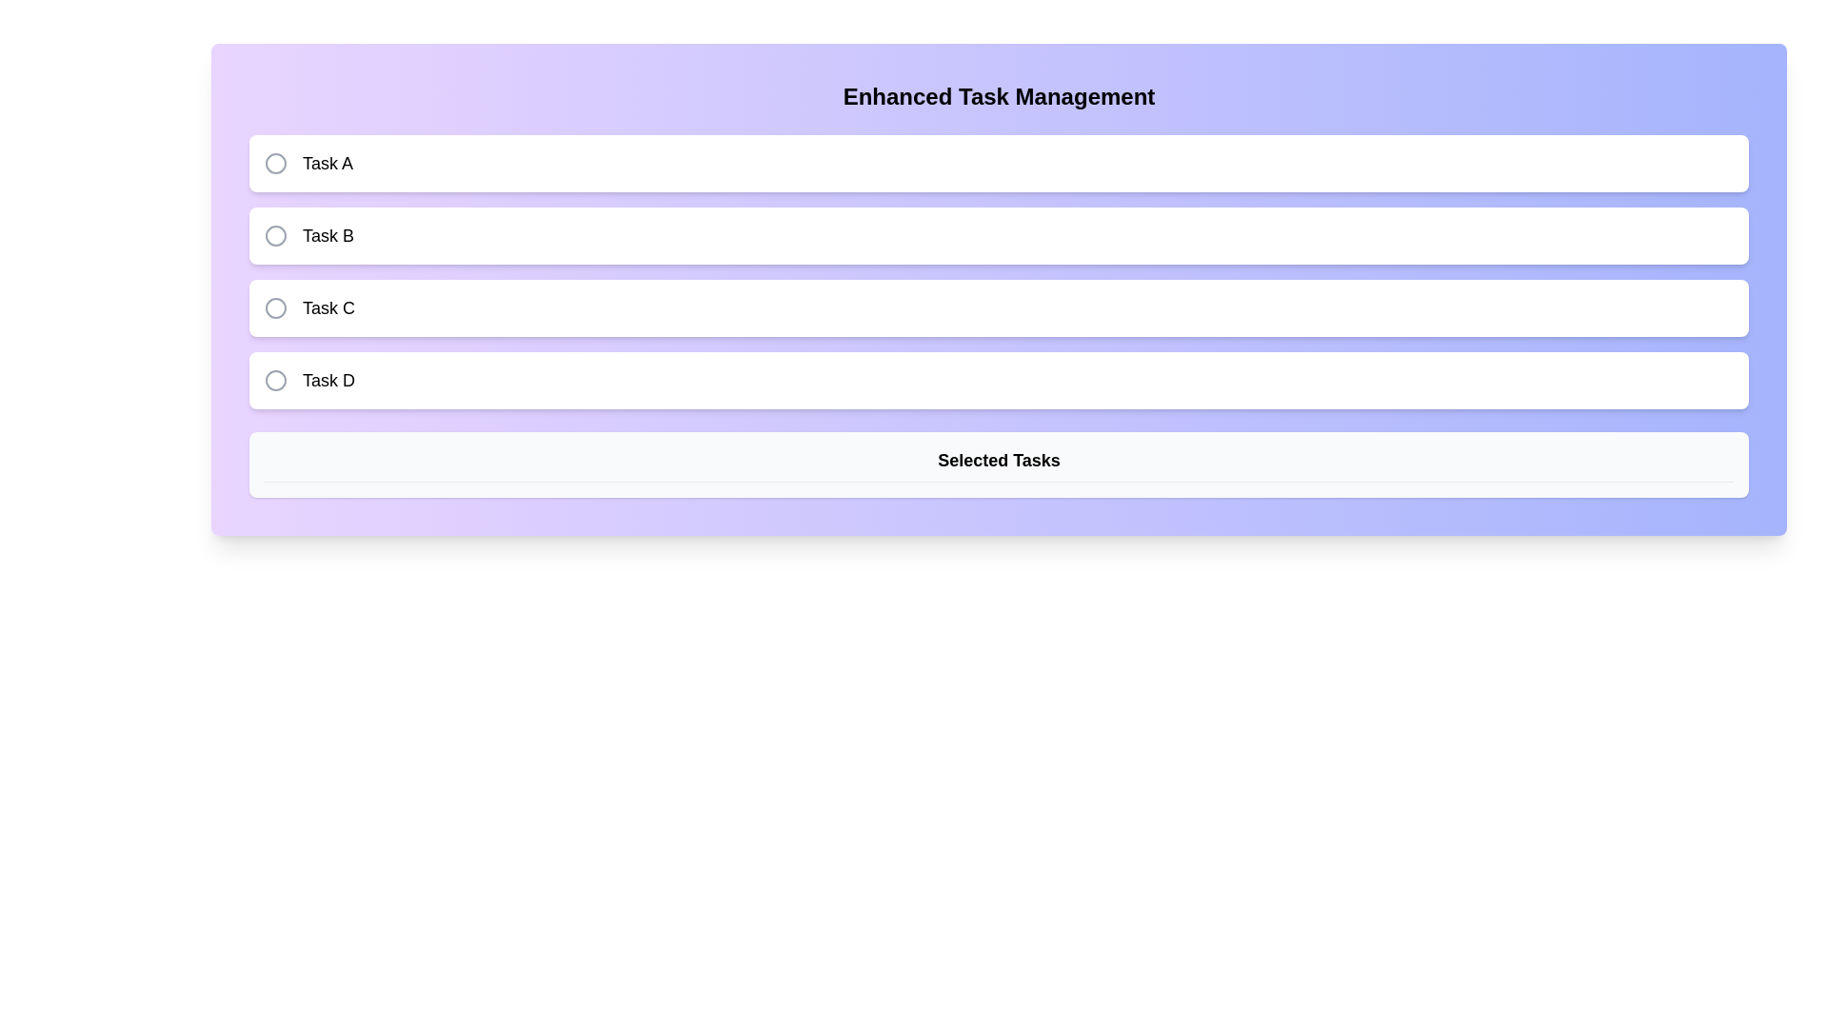  I want to click on text from the static label displaying 'Selected Tasks' located at the lower part of the interface, so click(998, 465).